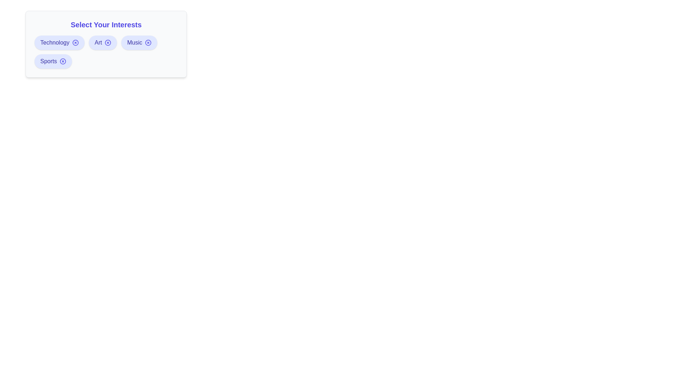 This screenshot has height=388, width=691. What do you see at coordinates (75, 43) in the screenshot?
I see `'X' button next to the interest 'Technology' to remove it` at bounding box center [75, 43].